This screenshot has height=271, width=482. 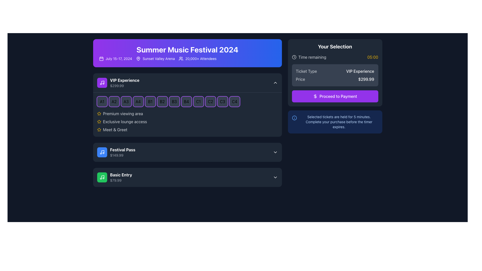 I want to click on the Grid of buttons located beneath the 'VIP Experience' section title, so click(x=187, y=102).